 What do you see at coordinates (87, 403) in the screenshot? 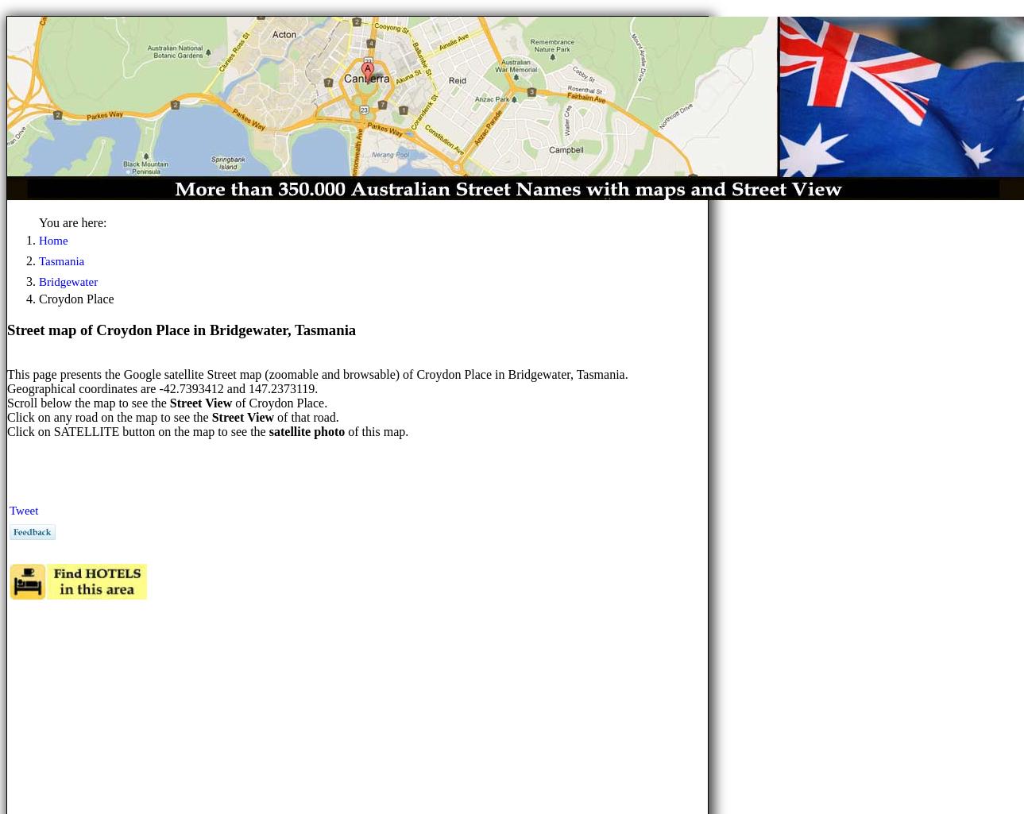
I see `'Scroll below the map to see the'` at bounding box center [87, 403].